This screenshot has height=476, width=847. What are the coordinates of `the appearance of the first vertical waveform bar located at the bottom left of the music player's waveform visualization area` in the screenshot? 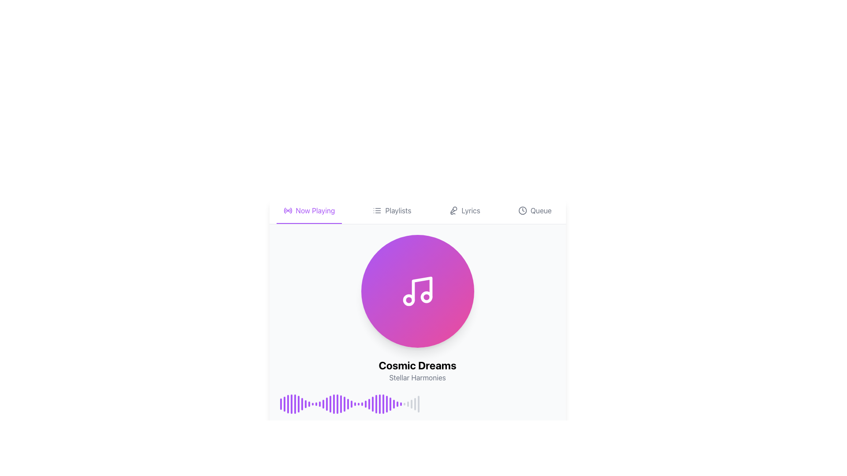 It's located at (280, 404).